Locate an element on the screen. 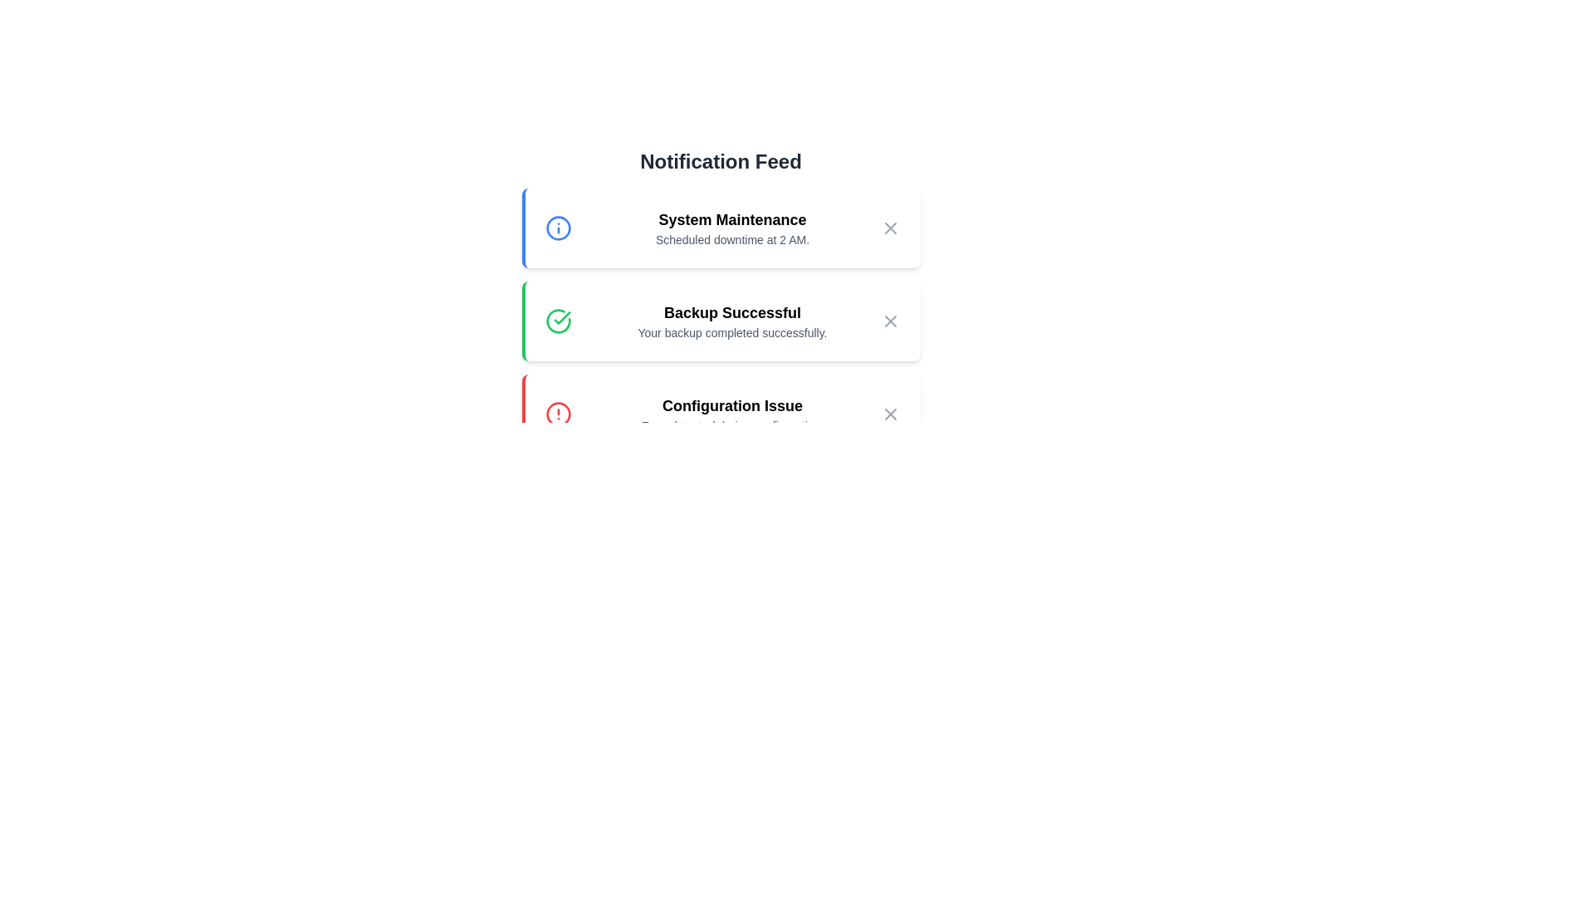  close button of the notification with title Configuration Issue is located at coordinates (889, 413).